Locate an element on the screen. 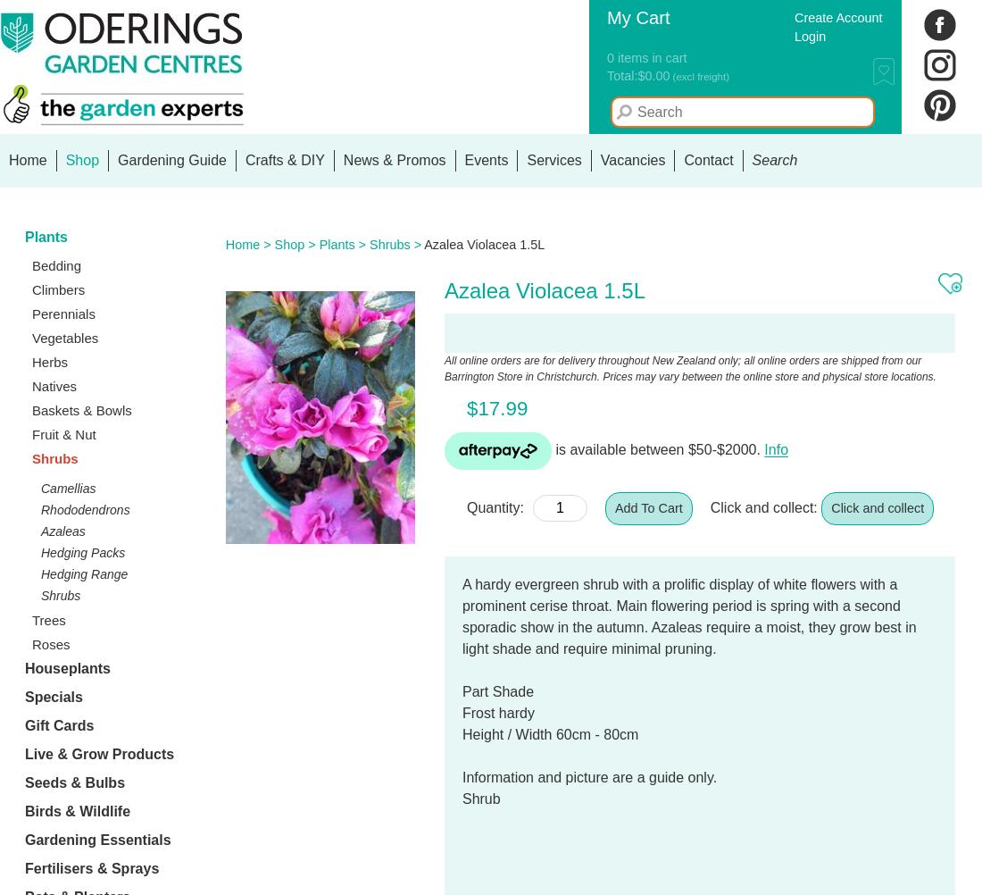 Image resolution: width=982 pixels, height=895 pixels. 'Live & Grow Products' is located at coordinates (99, 754).